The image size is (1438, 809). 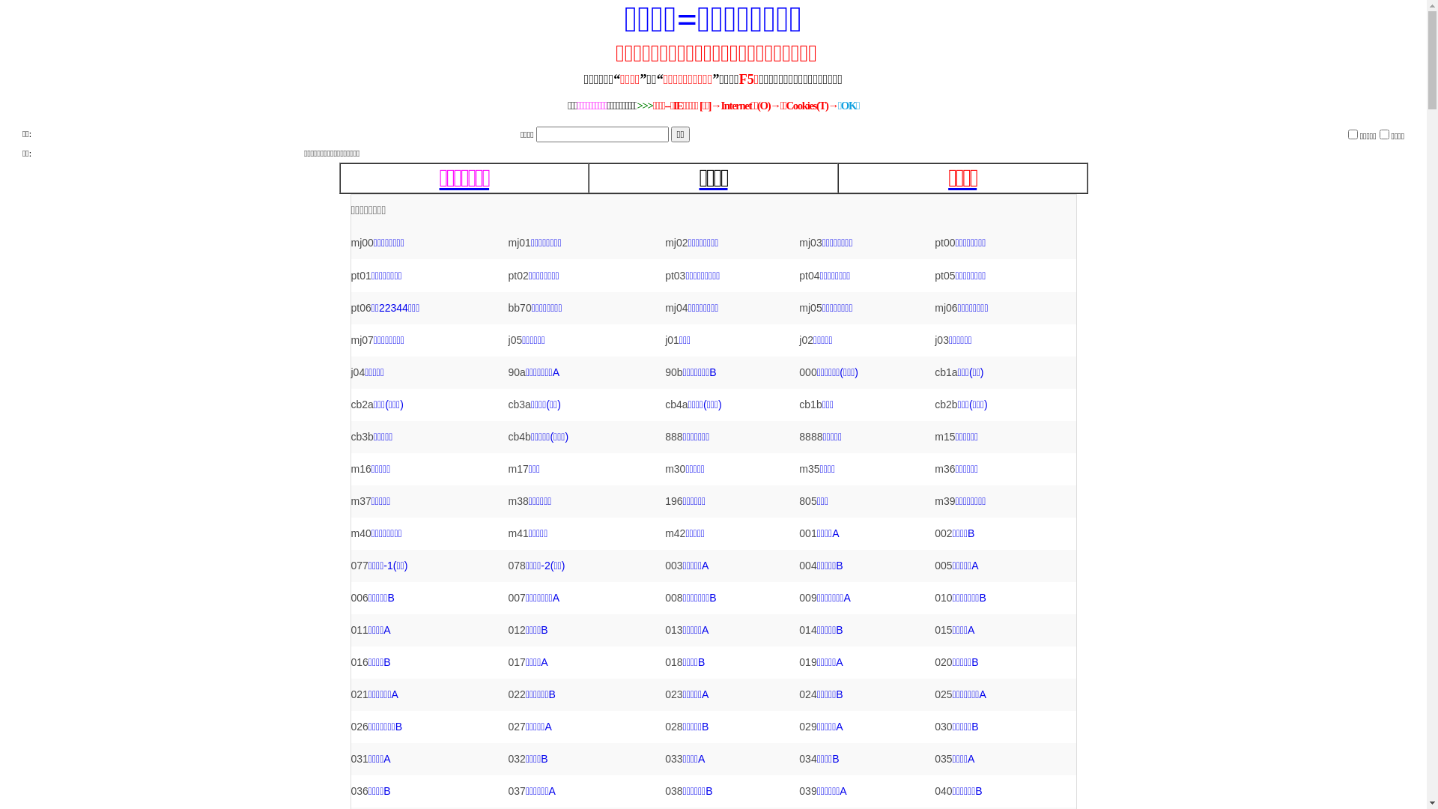 I want to click on '023', so click(x=673, y=694).